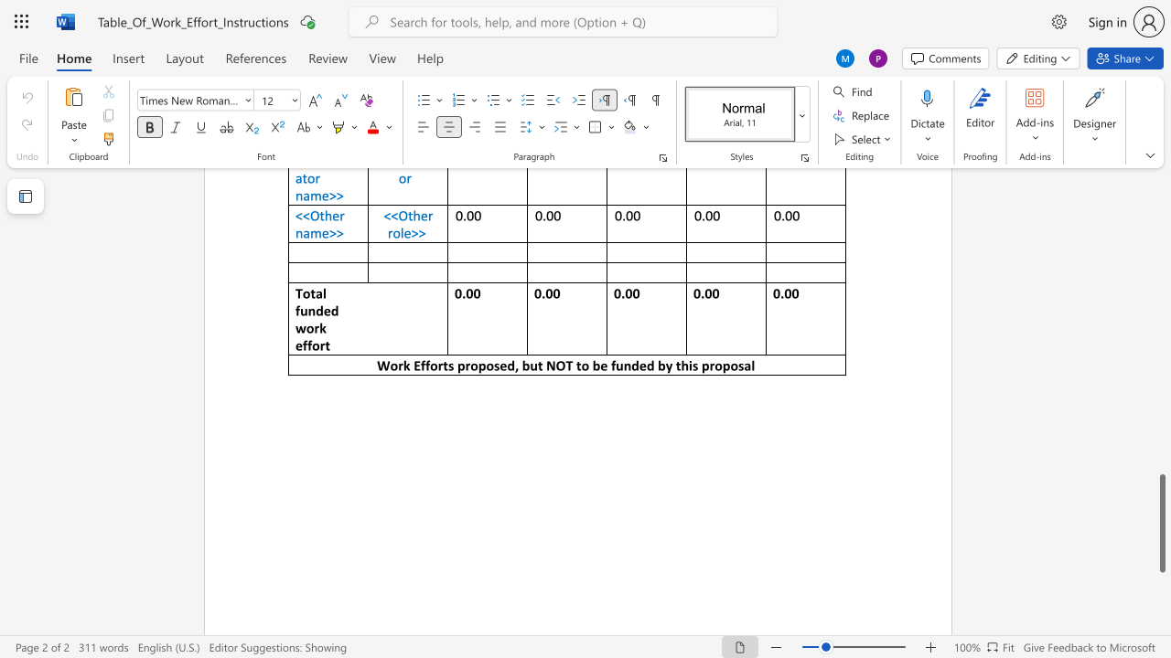 Image resolution: width=1171 pixels, height=658 pixels. I want to click on the scrollbar, so click(1161, 329).